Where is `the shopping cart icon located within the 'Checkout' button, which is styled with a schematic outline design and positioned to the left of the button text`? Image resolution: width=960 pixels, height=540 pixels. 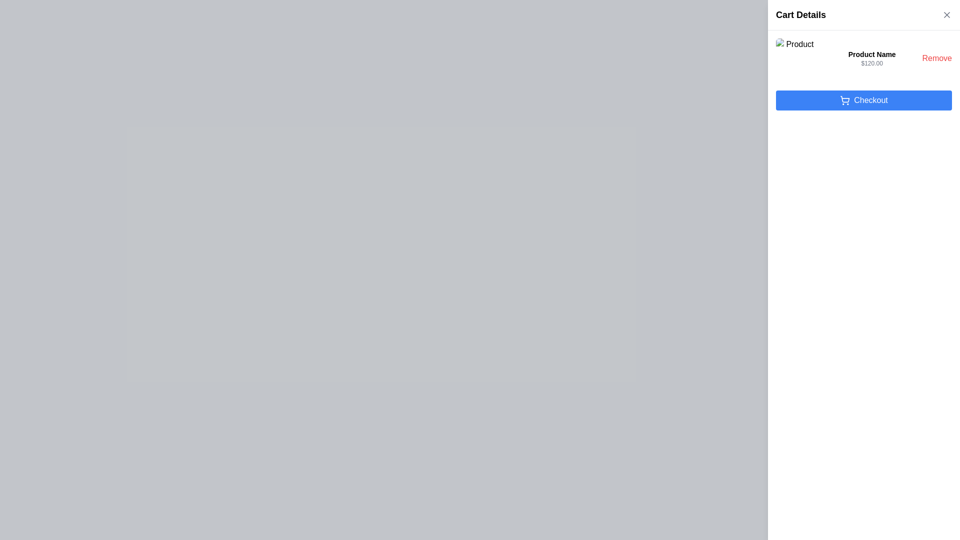
the shopping cart icon located within the 'Checkout' button, which is styled with a schematic outline design and positioned to the left of the button text is located at coordinates (844, 99).